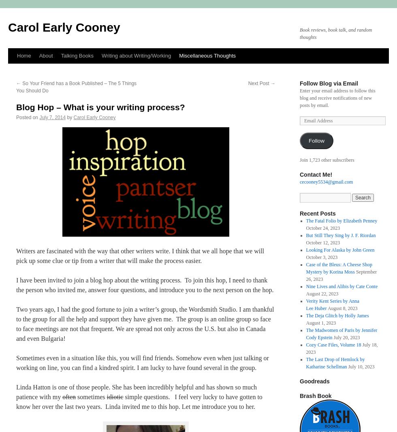 The image size is (397, 432). What do you see at coordinates (52, 117) in the screenshot?
I see `'July 7, 2014'` at bounding box center [52, 117].